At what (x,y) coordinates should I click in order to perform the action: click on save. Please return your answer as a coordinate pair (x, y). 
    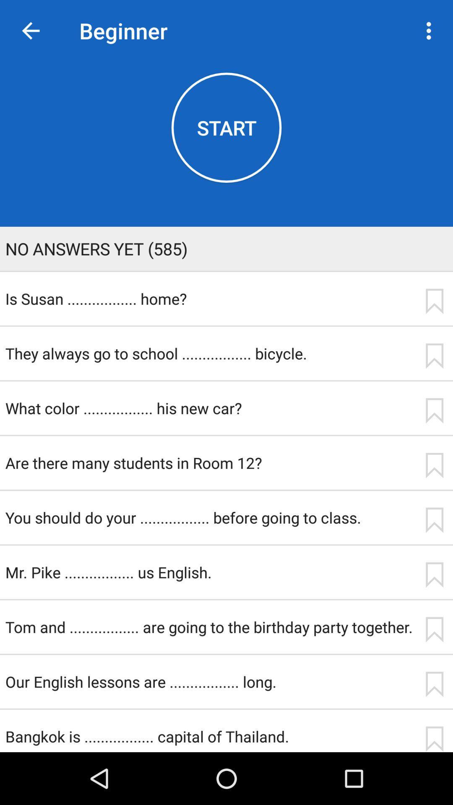
    Looking at the image, I should click on (434, 574).